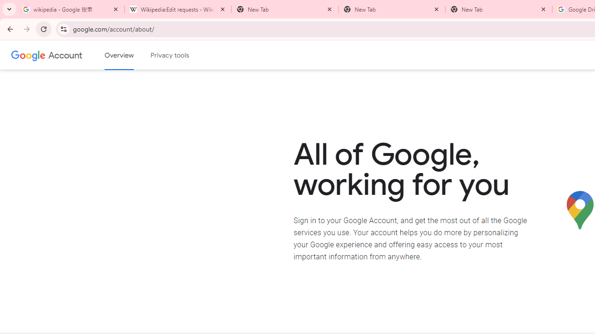 The height and width of the screenshot is (334, 595). What do you see at coordinates (178, 9) in the screenshot?
I see `'Wikipedia:Edit requests - Wikipedia'` at bounding box center [178, 9].